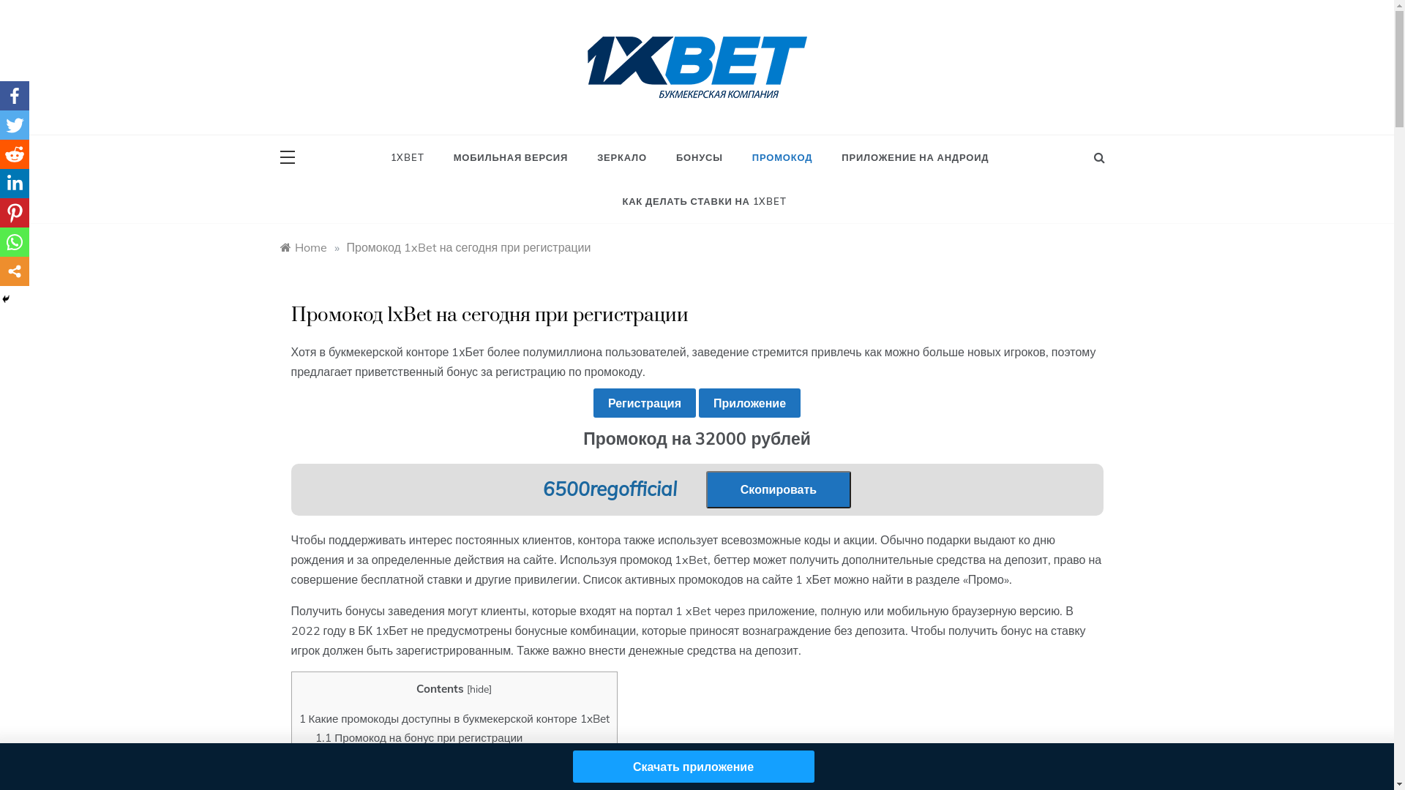 The height and width of the screenshot is (790, 1405). What do you see at coordinates (14, 271) in the screenshot?
I see `'More'` at bounding box center [14, 271].